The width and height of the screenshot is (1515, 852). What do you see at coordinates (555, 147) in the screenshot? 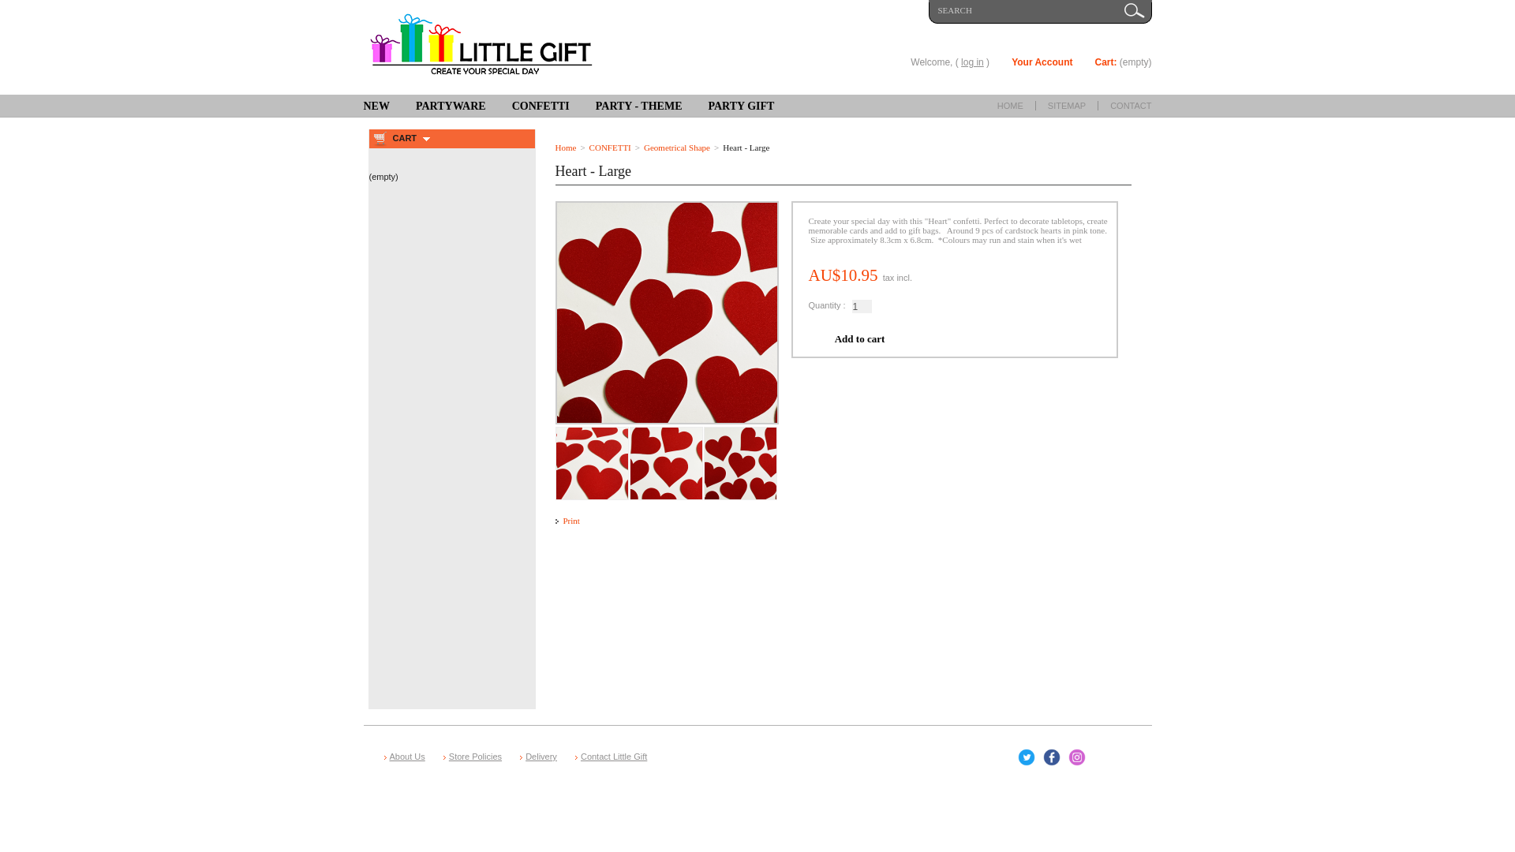
I see `'Home'` at bounding box center [555, 147].